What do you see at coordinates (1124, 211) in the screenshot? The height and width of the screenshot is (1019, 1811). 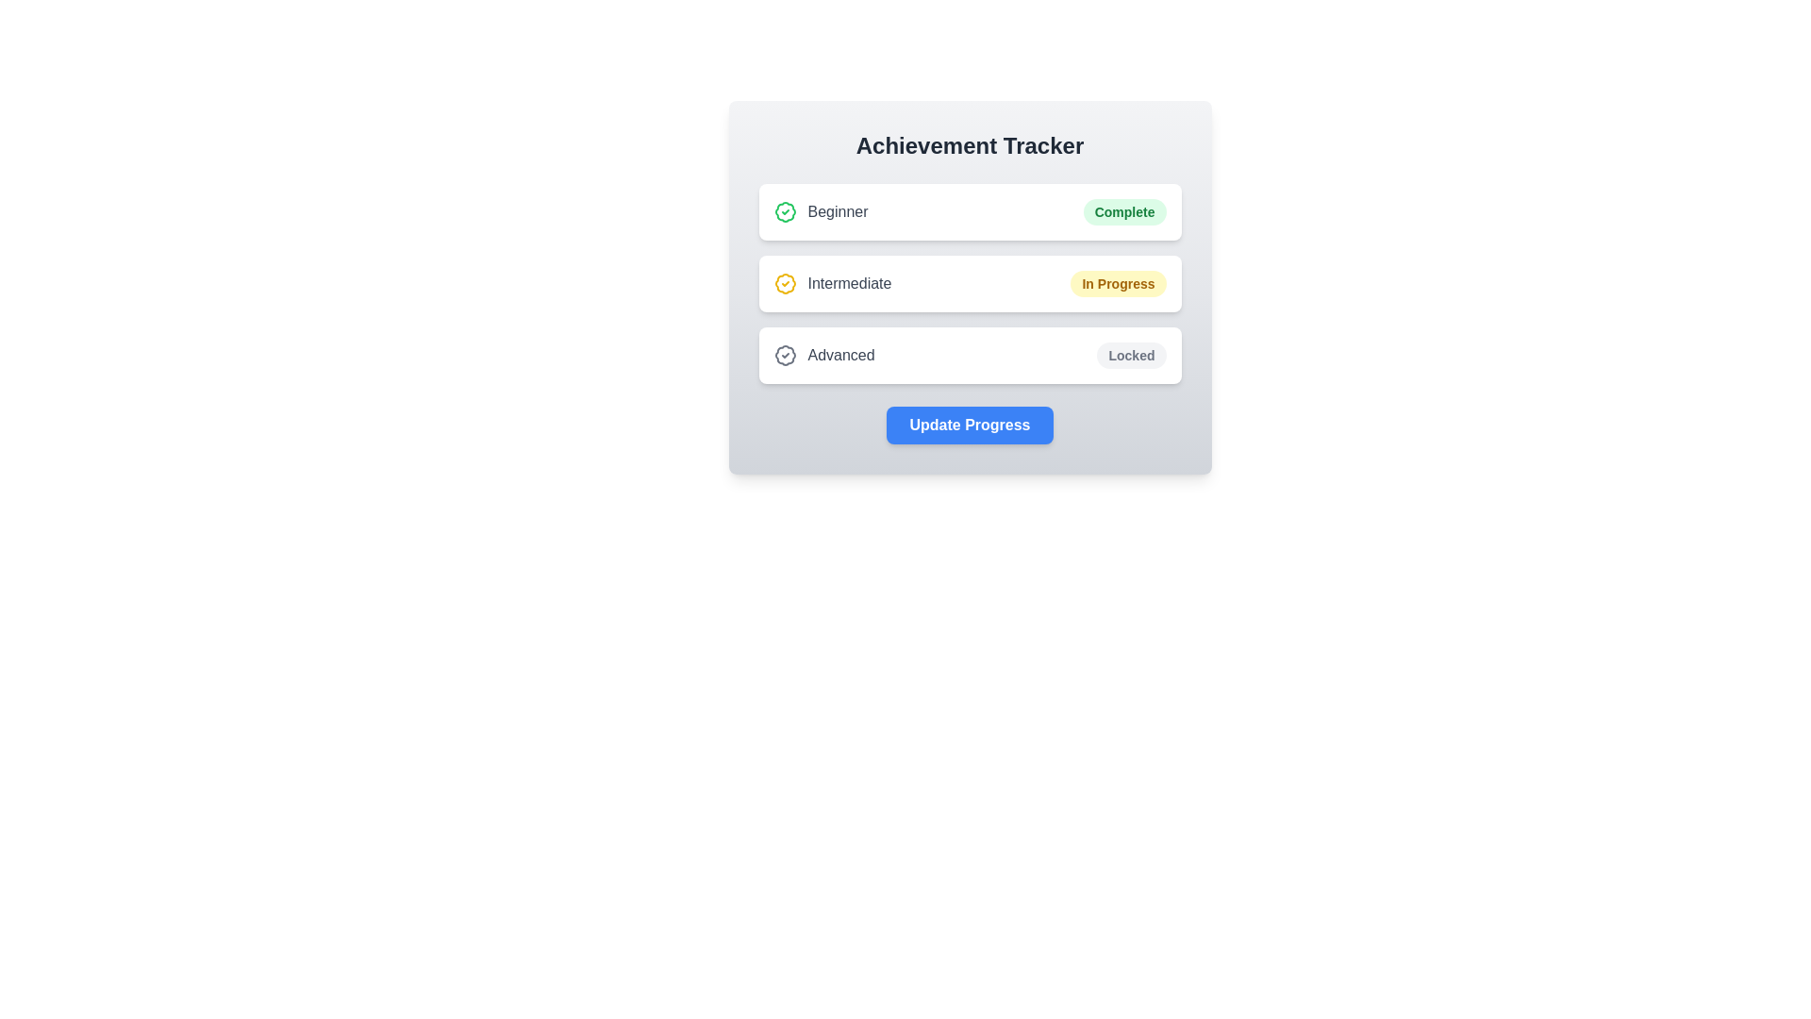 I see `the pill-shaped badge with the text 'Complete', which has a green background and is located next to the 'Beginner' label in the first achievement row` at bounding box center [1124, 211].